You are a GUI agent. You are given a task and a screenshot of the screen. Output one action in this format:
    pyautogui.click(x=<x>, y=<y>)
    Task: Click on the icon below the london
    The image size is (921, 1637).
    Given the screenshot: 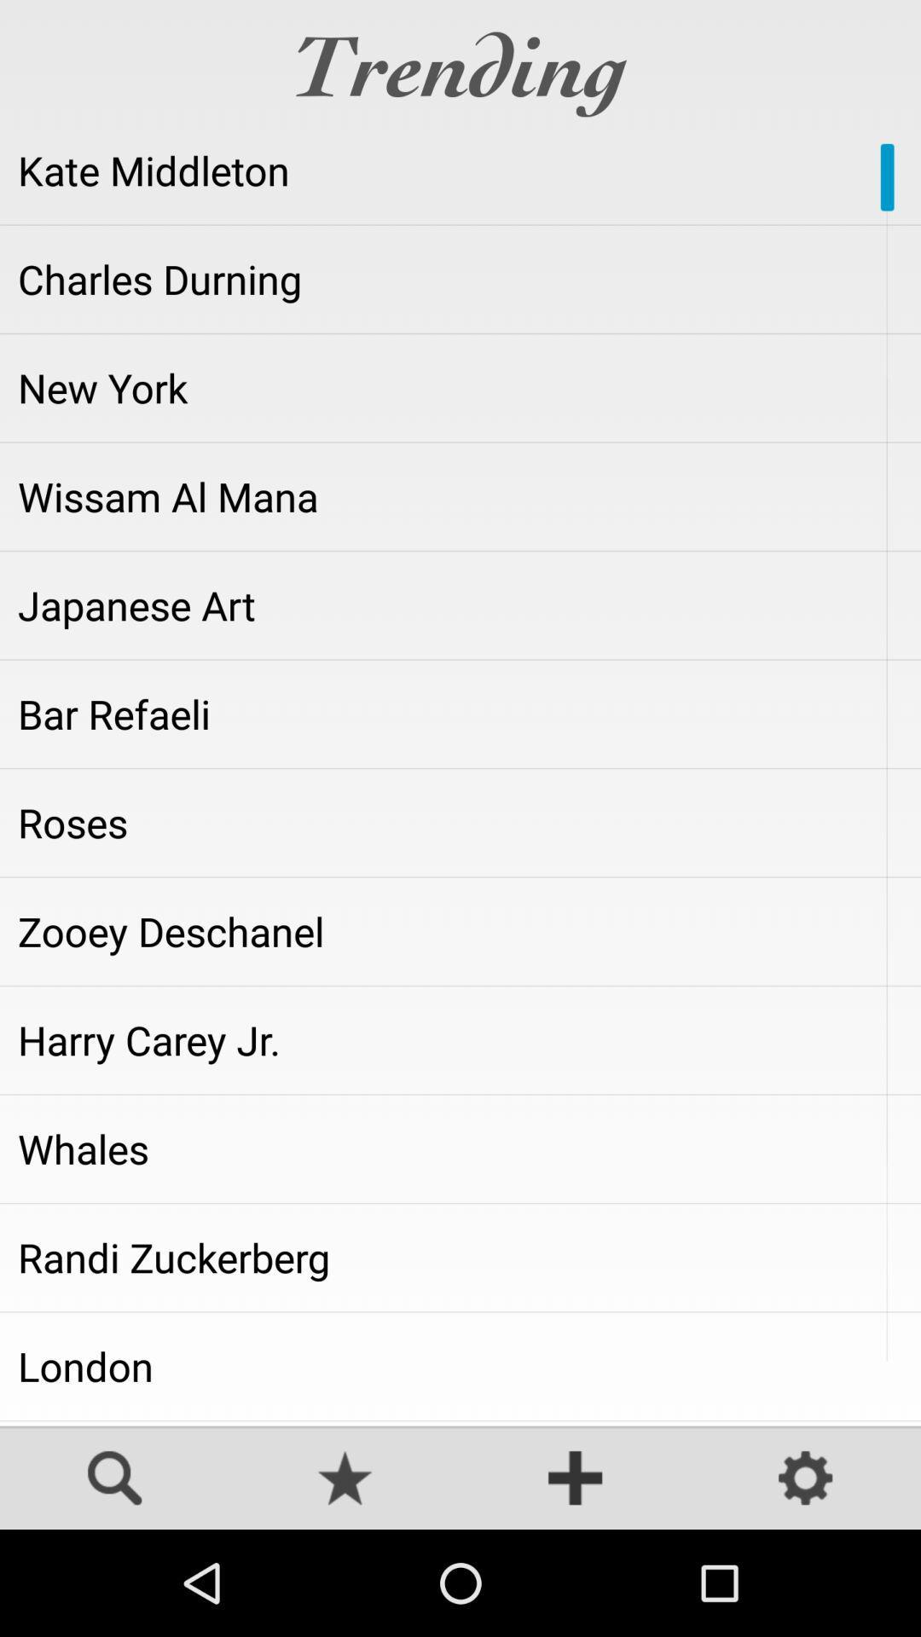 What is the action you would take?
    pyautogui.click(x=460, y=1423)
    